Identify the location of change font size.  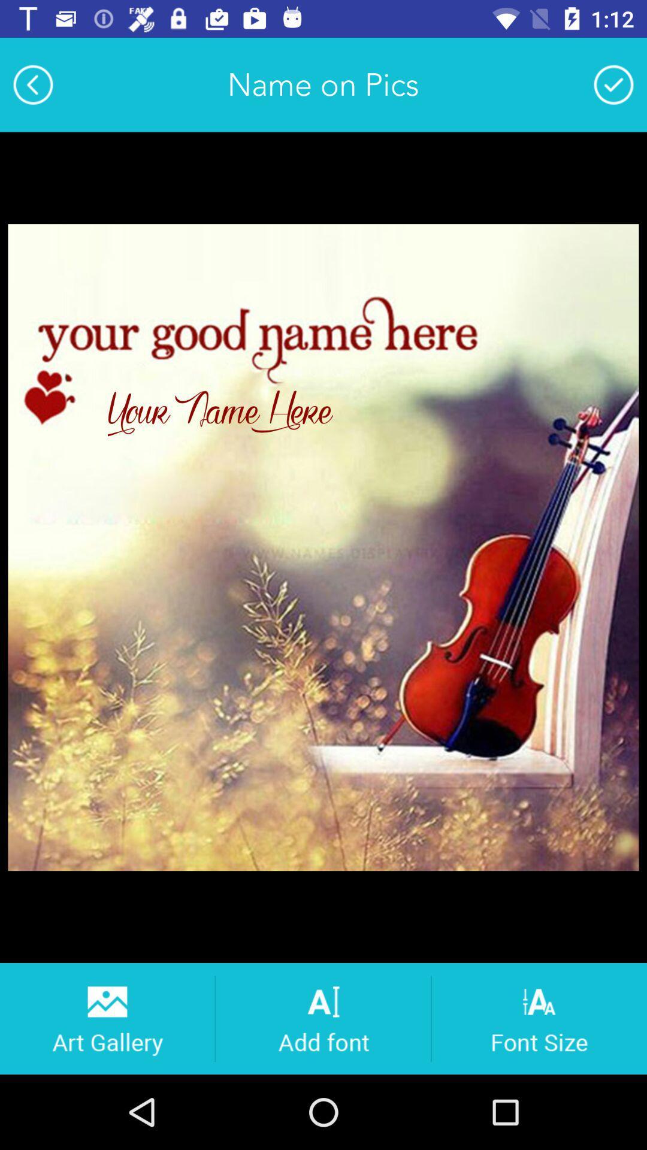
(539, 1018).